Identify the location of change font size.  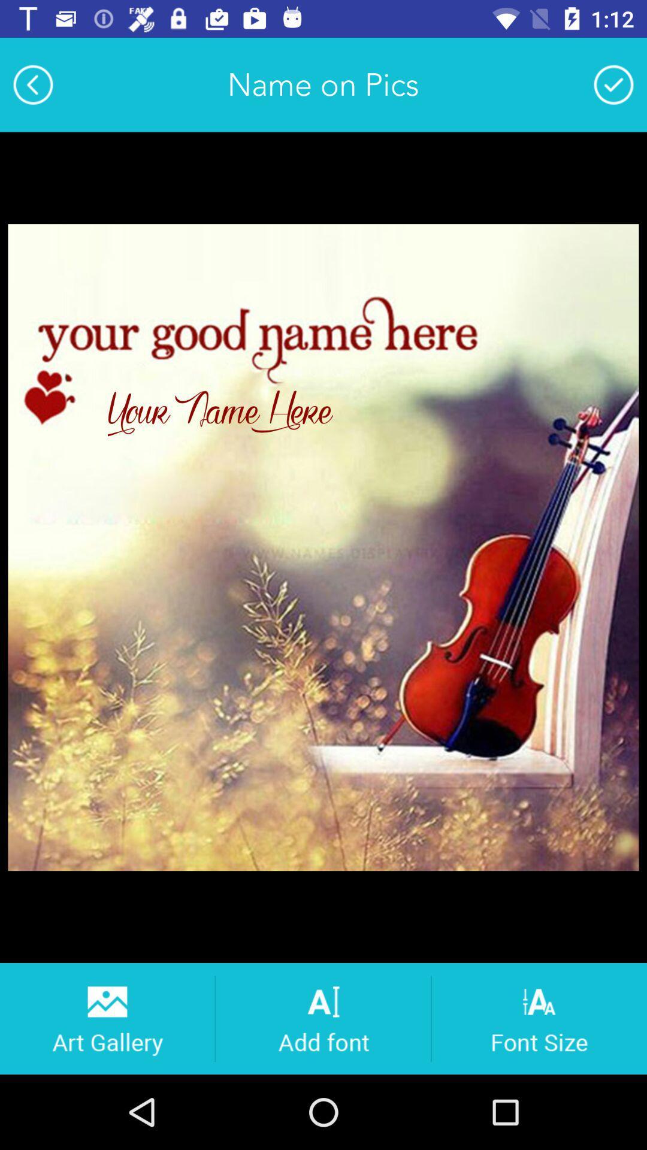
(539, 1018).